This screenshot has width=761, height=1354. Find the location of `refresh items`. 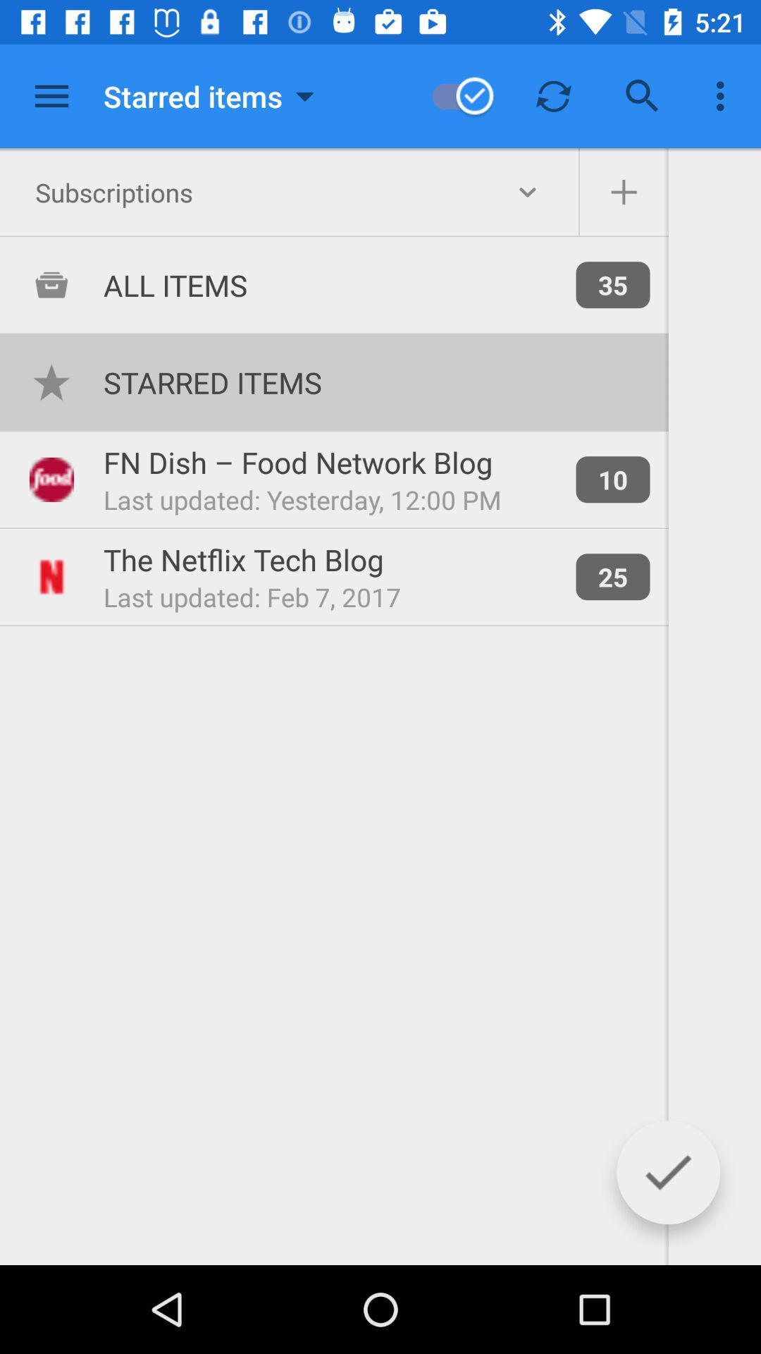

refresh items is located at coordinates (553, 95).